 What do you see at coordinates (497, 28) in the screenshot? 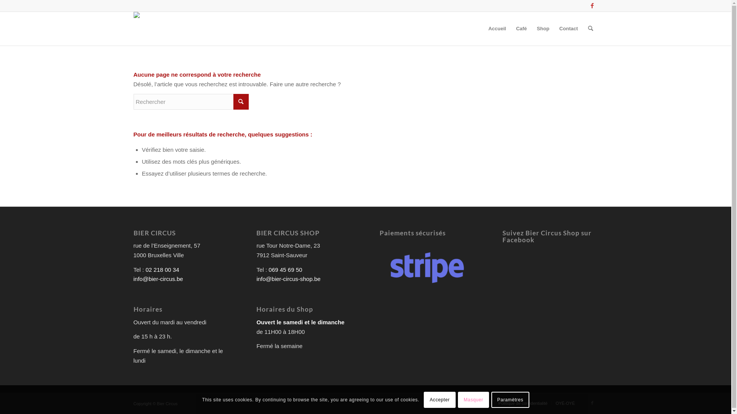
I see `'Accueil'` at bounding box center [497, 28].